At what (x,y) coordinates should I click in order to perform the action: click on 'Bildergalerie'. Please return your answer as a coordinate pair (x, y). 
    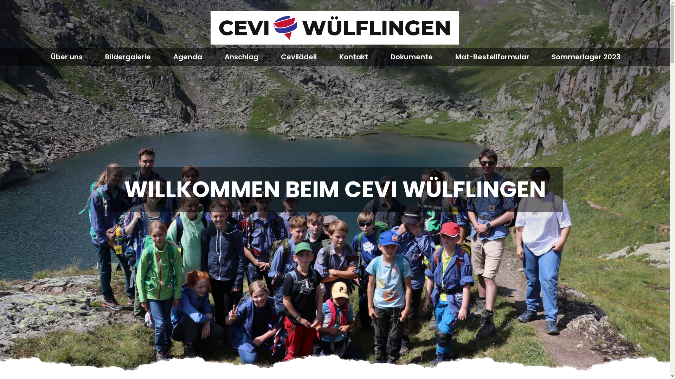
    Looking at the image, I should click on (104, 56).